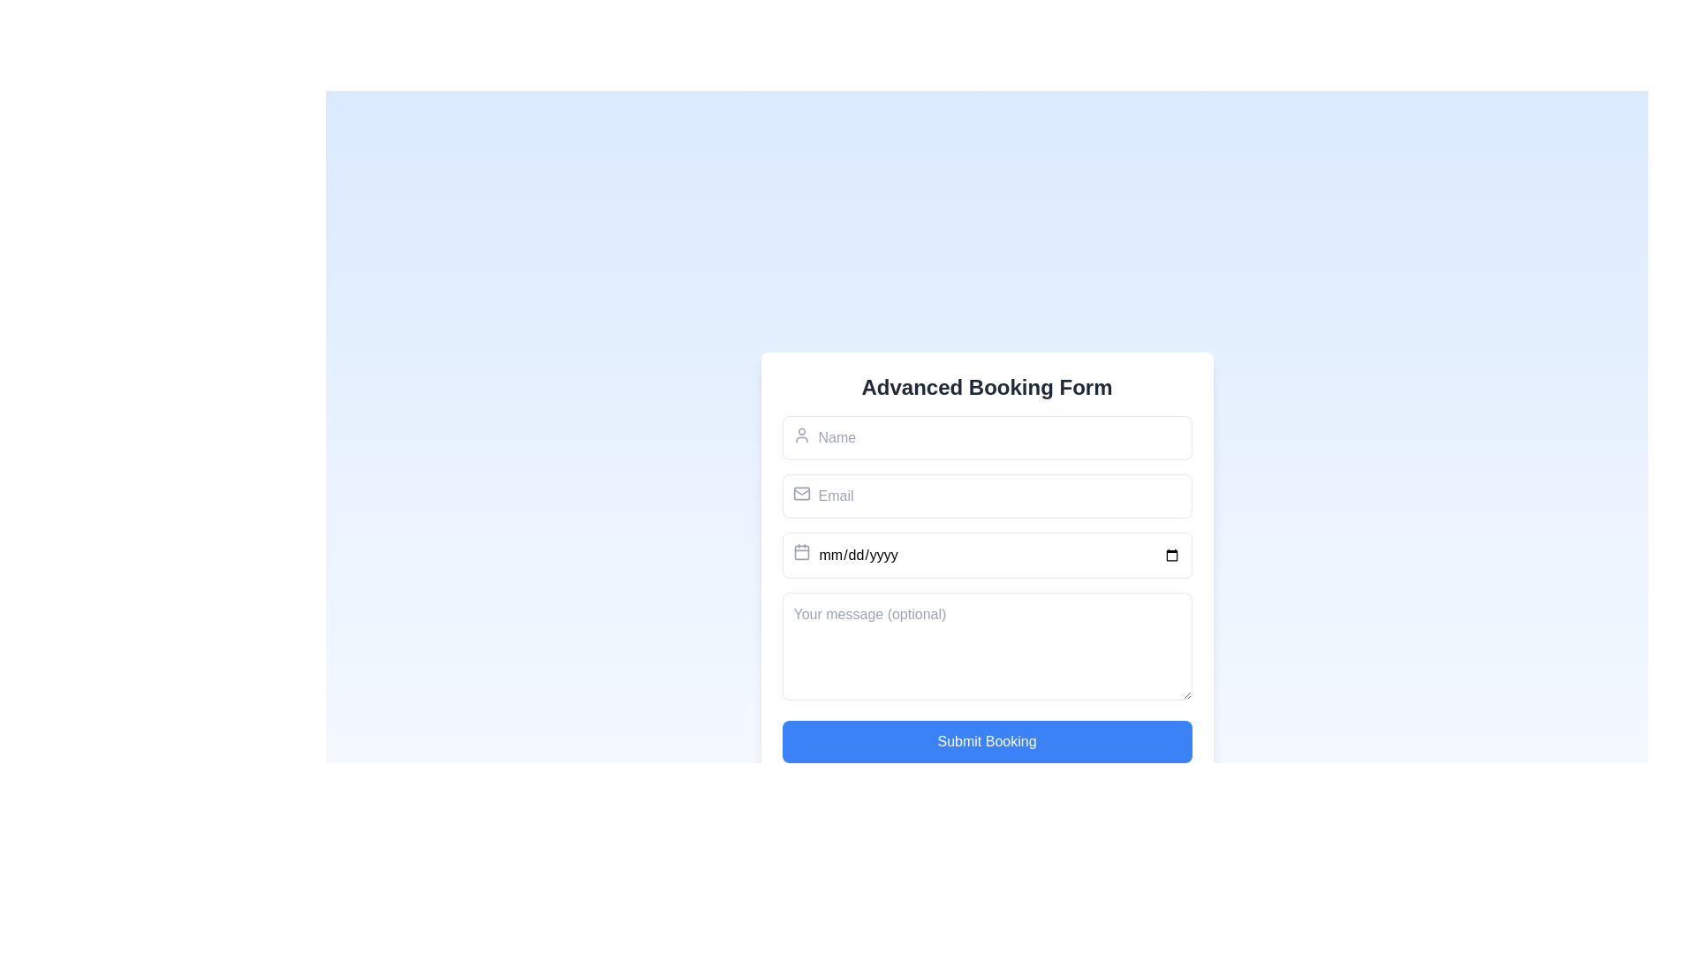  What do you see at coordinates (800, 550) in the screenshot?
I see `the date selection icon located within the 'Advanced Booking Form' input field, positioned left of the date placeholder text 'mm/dd/yyyy'` at bounding box center [800, 550].